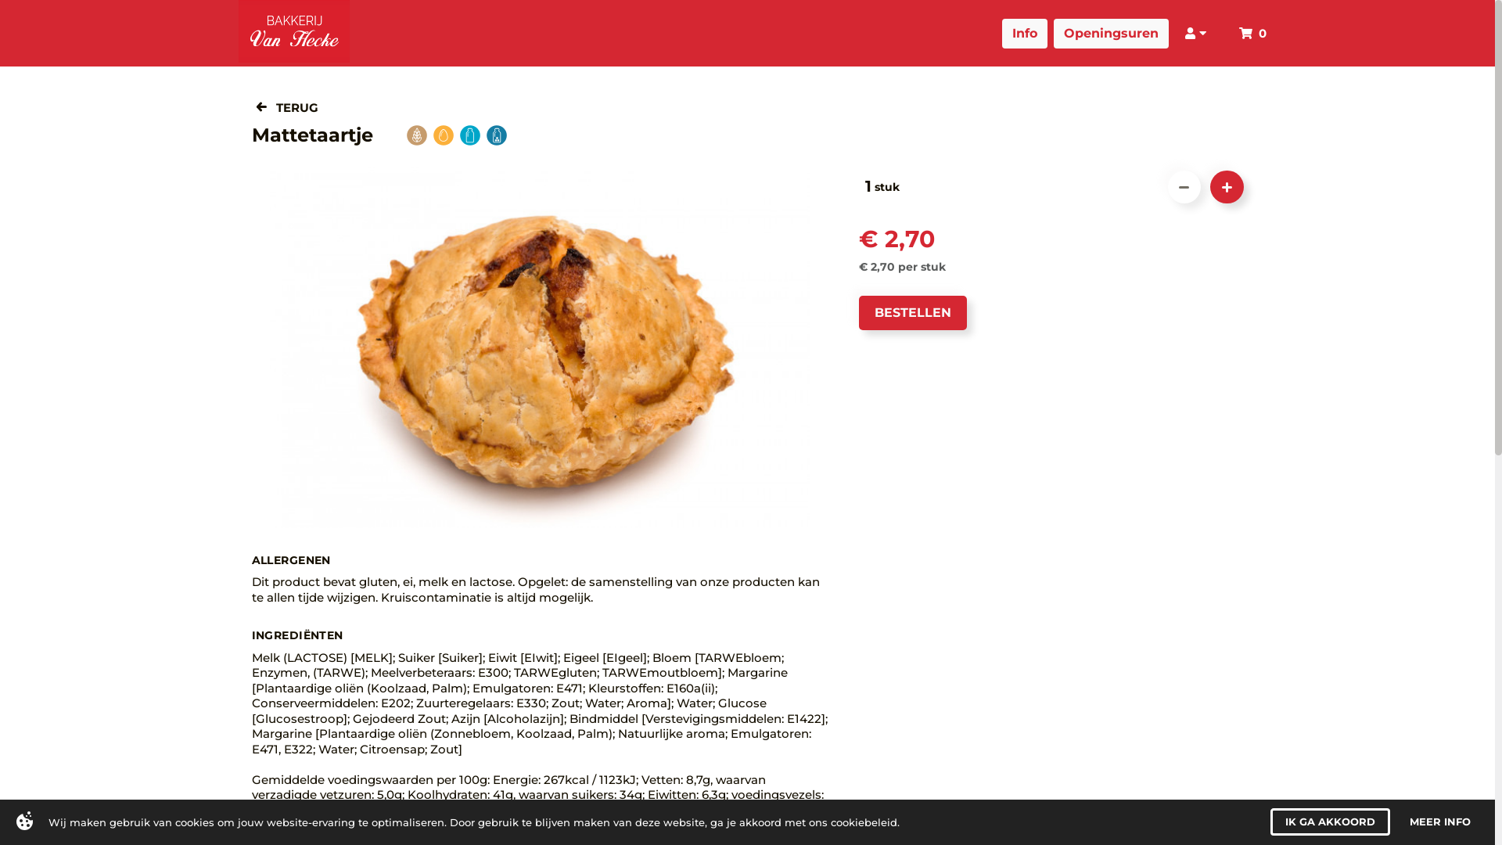 The width and height of the screenshot is (1502, 845). What do you see at coordinates (1270, 821) in the screenshot?
I see `'IK GA AKKOORD'` at bounding box center [1270, 821].